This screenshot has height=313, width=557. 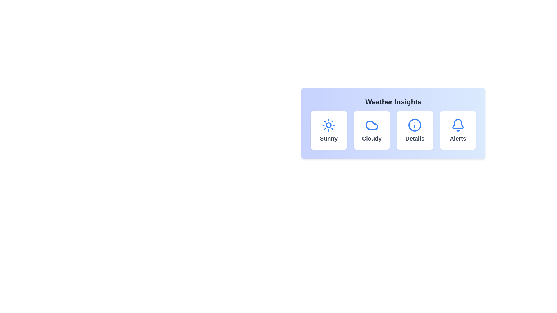 I want to click on the circular graphical element with a blue outline located within the 'Details' button in the Weather Insights dashboard, so click(x=415, y=125).